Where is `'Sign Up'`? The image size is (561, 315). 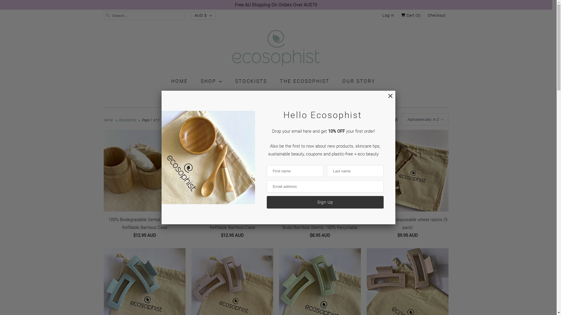
'Sign Up' is located at coordinates (325, 202).